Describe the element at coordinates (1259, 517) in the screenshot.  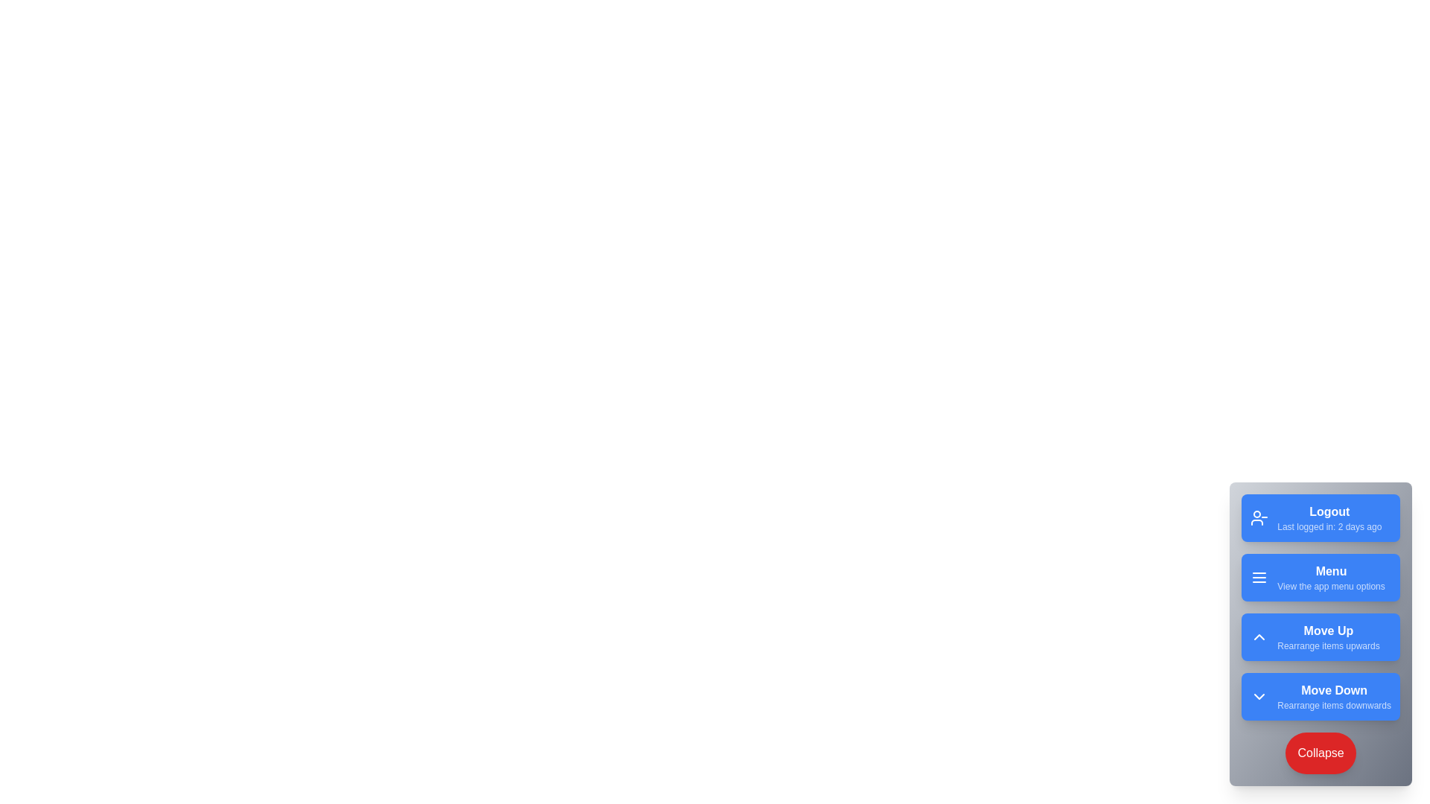
I see `the circular user icon with a minus sign, part of the blue 'Logout' button at the top of the vertically stacked menu` at that location.